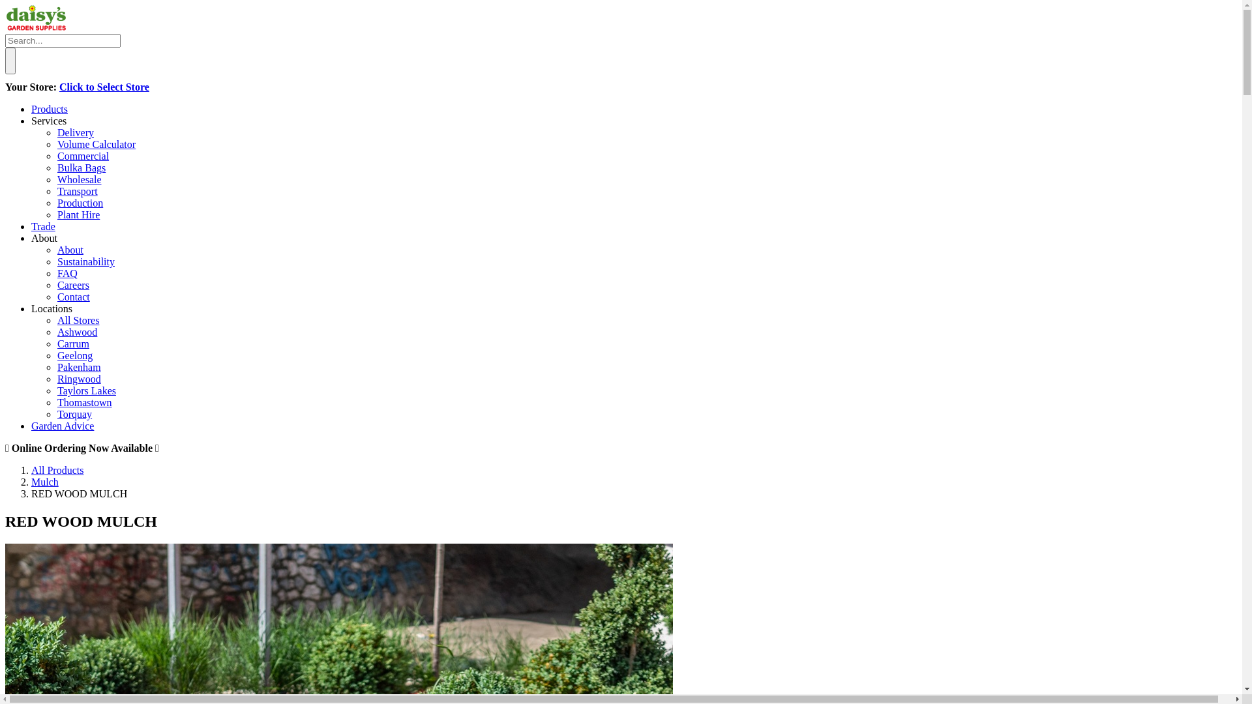  Describe the element at coordinates (56, 203) in the screenshot. I see `'Production'` at that location.